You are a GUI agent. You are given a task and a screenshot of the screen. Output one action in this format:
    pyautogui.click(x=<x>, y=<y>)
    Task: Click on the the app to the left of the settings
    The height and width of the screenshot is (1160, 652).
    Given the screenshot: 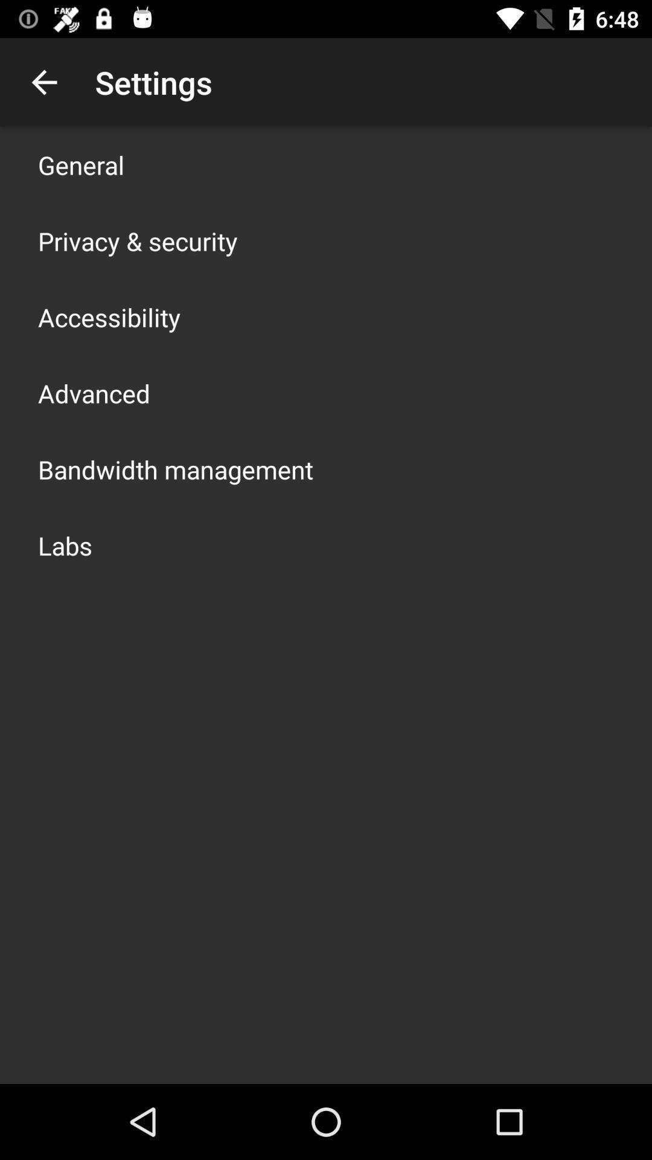 What is the action you would take?
    pyautogui.click(x=43, y=82)
    